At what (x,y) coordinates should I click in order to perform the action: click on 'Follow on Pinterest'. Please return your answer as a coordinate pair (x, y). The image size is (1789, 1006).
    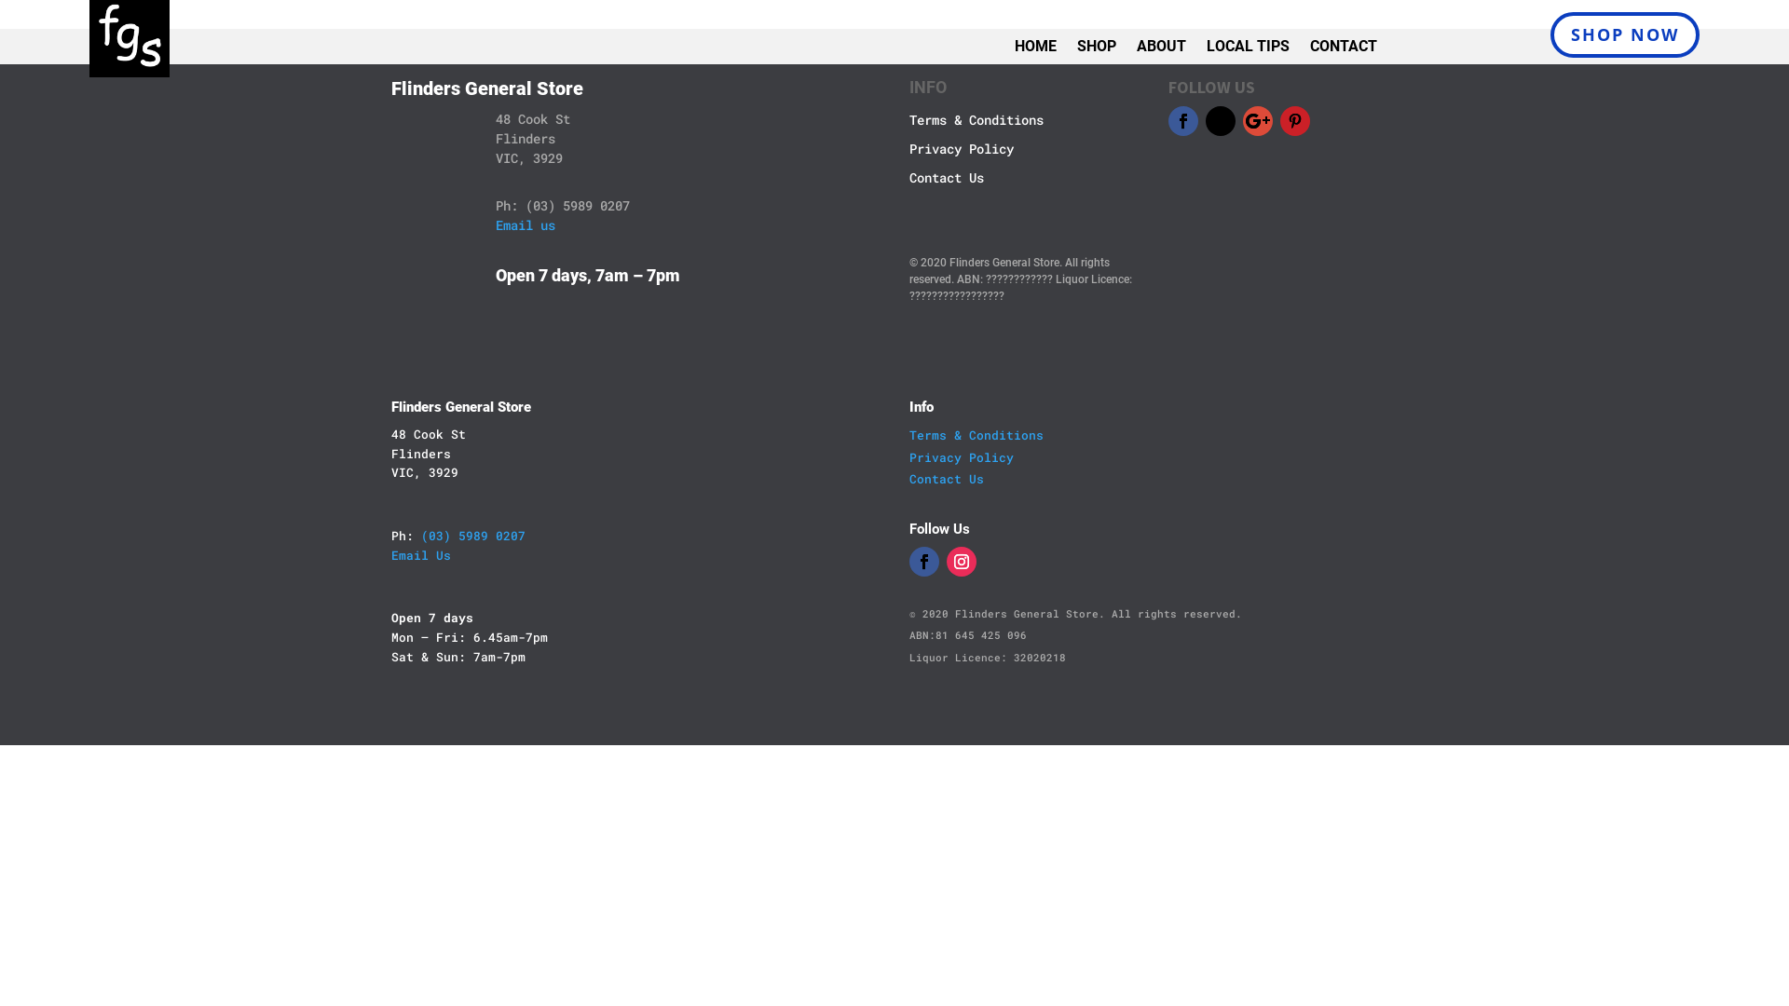
    Looking at the image, I should click on (1294, 121).